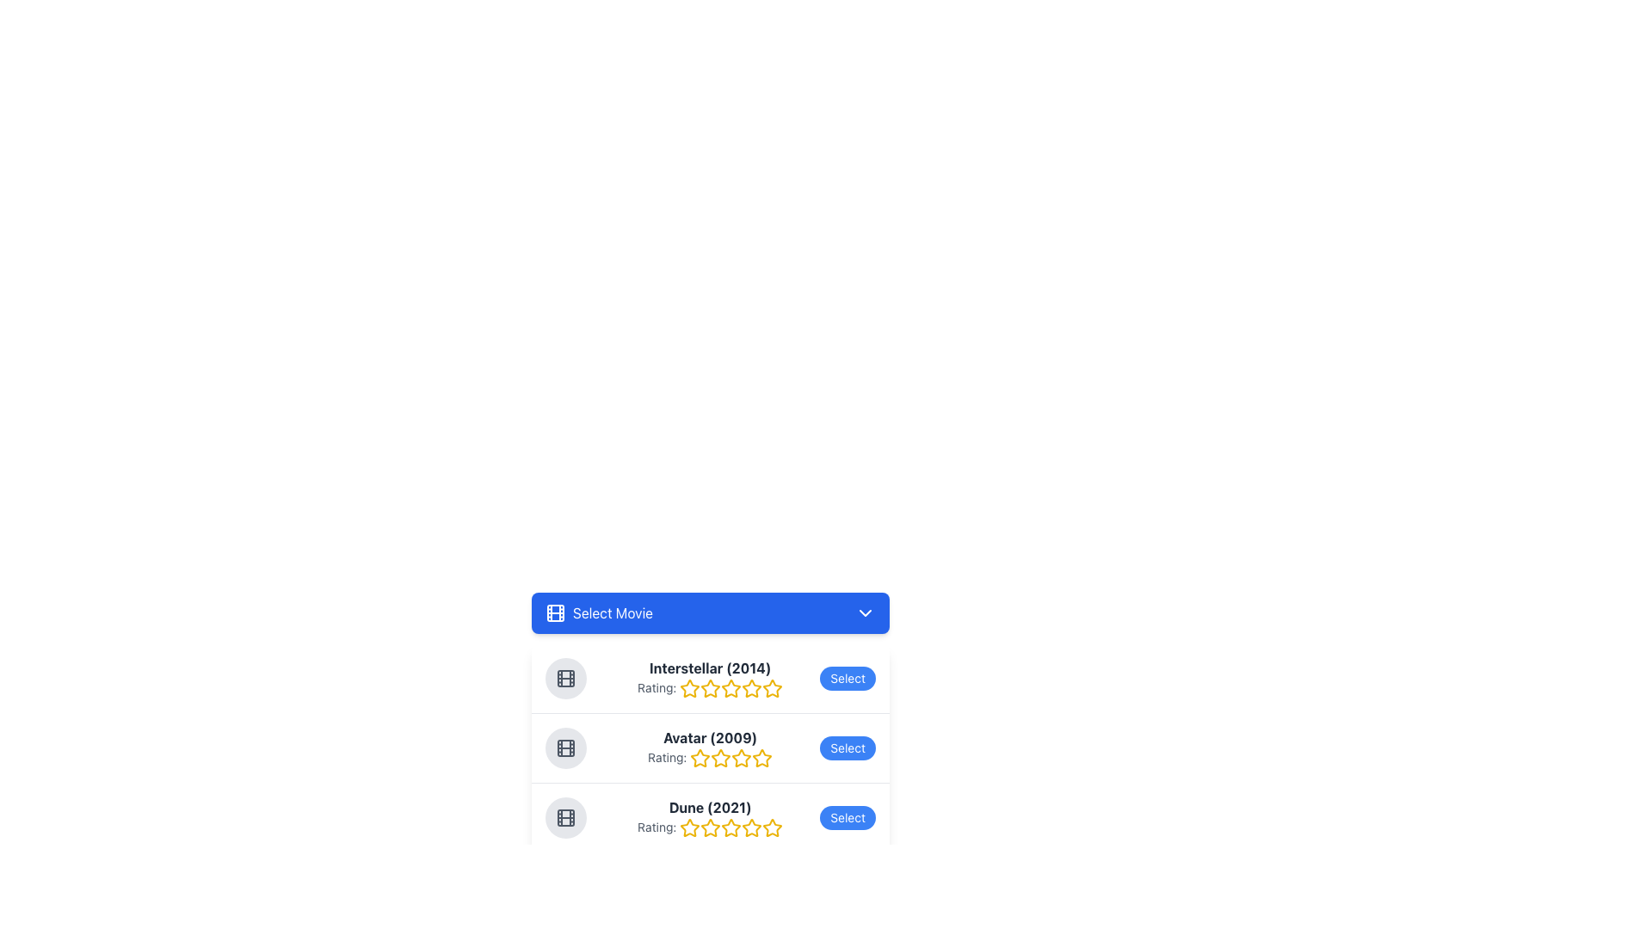 The height and width of the screenshot is (929, 1652). What do you see at coordinates (710, 758) in the screenshot?
I see `the rating indicated by the text label for the movie 'Avatar (2009)', which is visually represented by stars beside it. This element is located in the second row of a list containing movie titles and ratings` at bounding box center [710, 758].